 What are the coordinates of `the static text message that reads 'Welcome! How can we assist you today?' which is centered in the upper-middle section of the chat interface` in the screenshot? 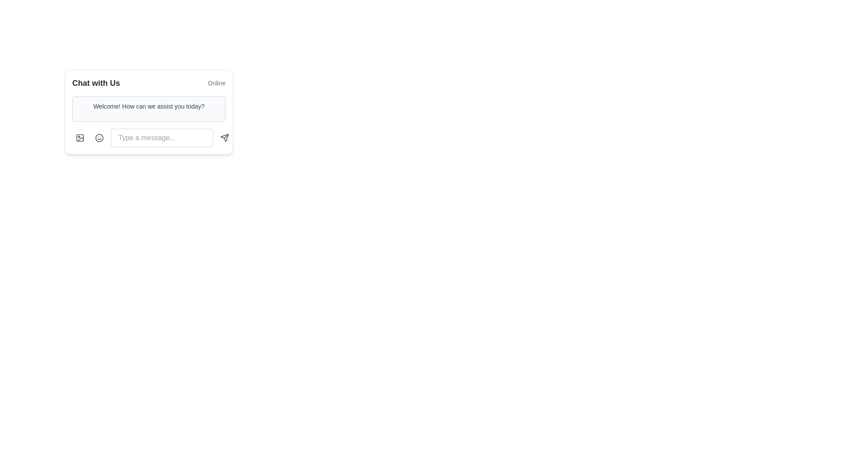 It's located at (149, 106).